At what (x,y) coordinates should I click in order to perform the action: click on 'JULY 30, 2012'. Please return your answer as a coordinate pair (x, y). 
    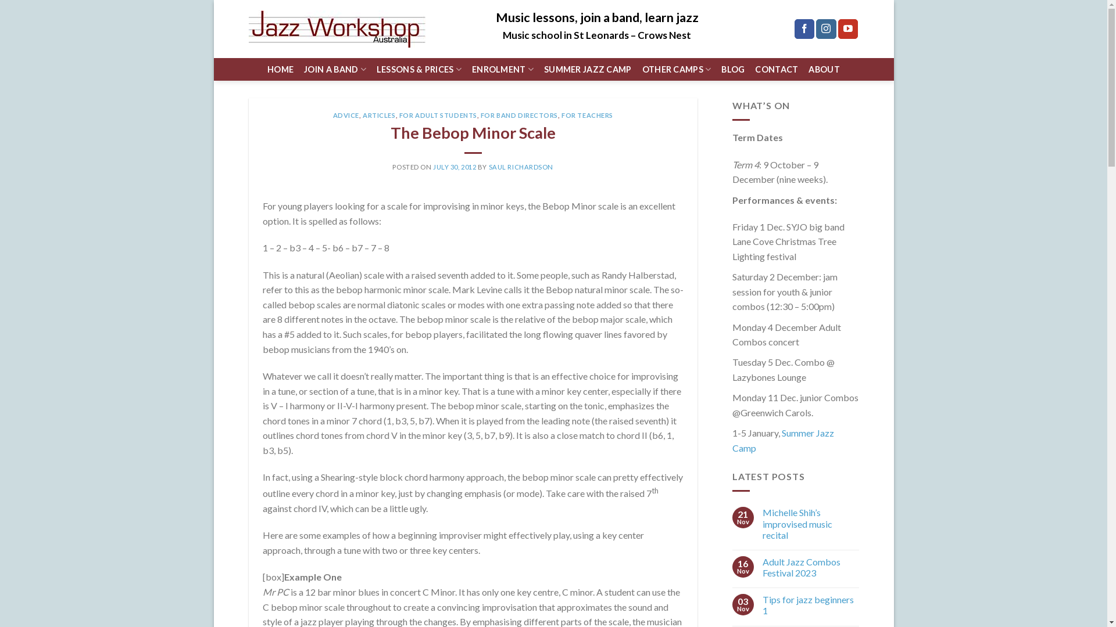
    Looking at the image, I should click on (454, 167).